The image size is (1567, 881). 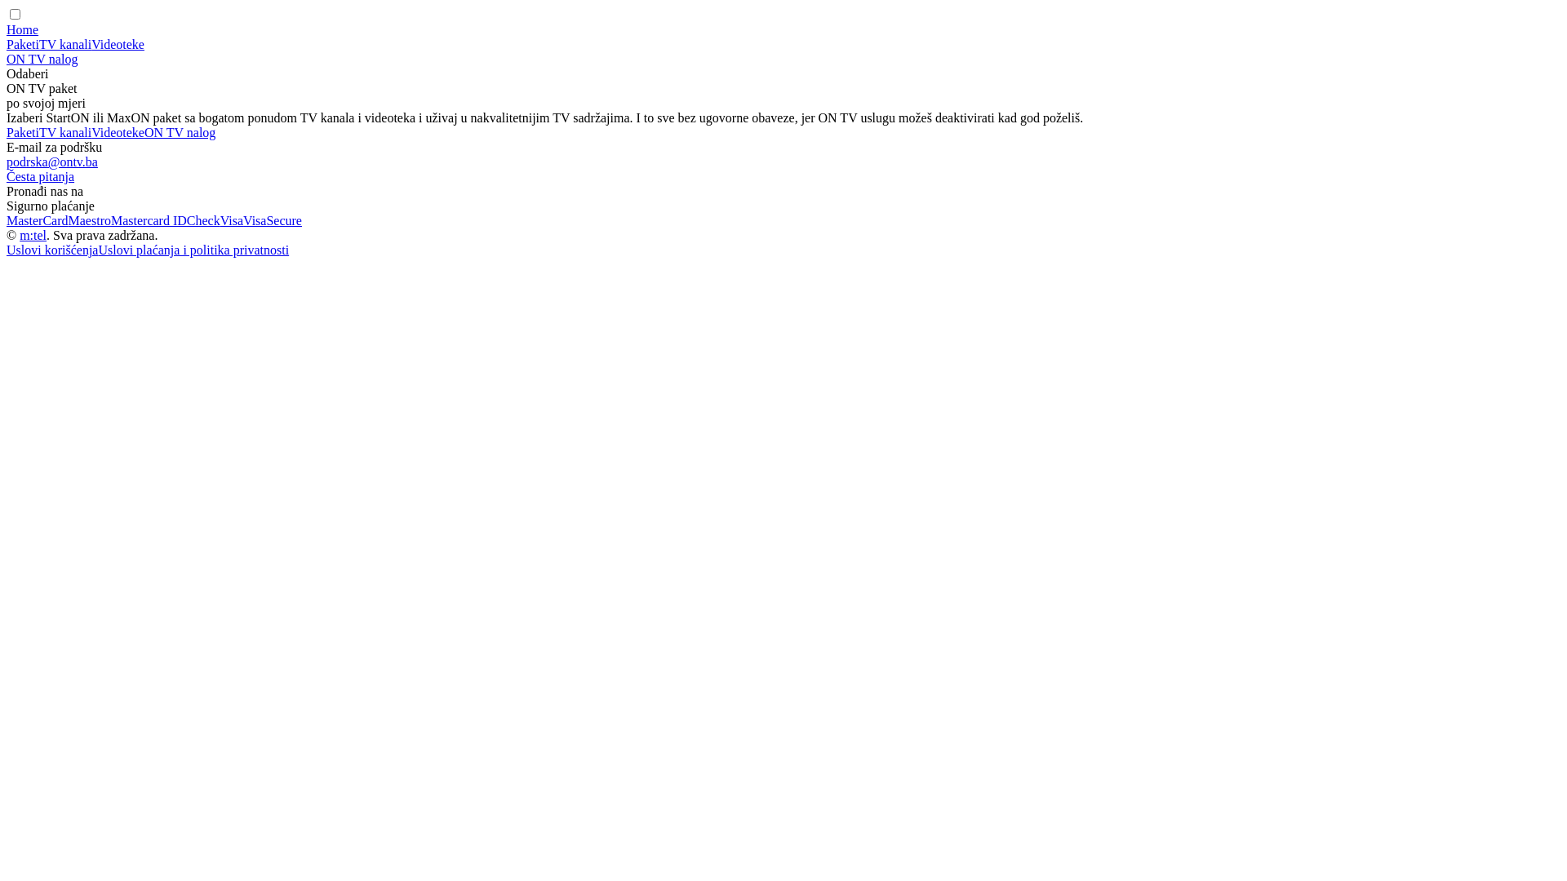 I want to click on 'Paketi', so click(x=7, y=43).